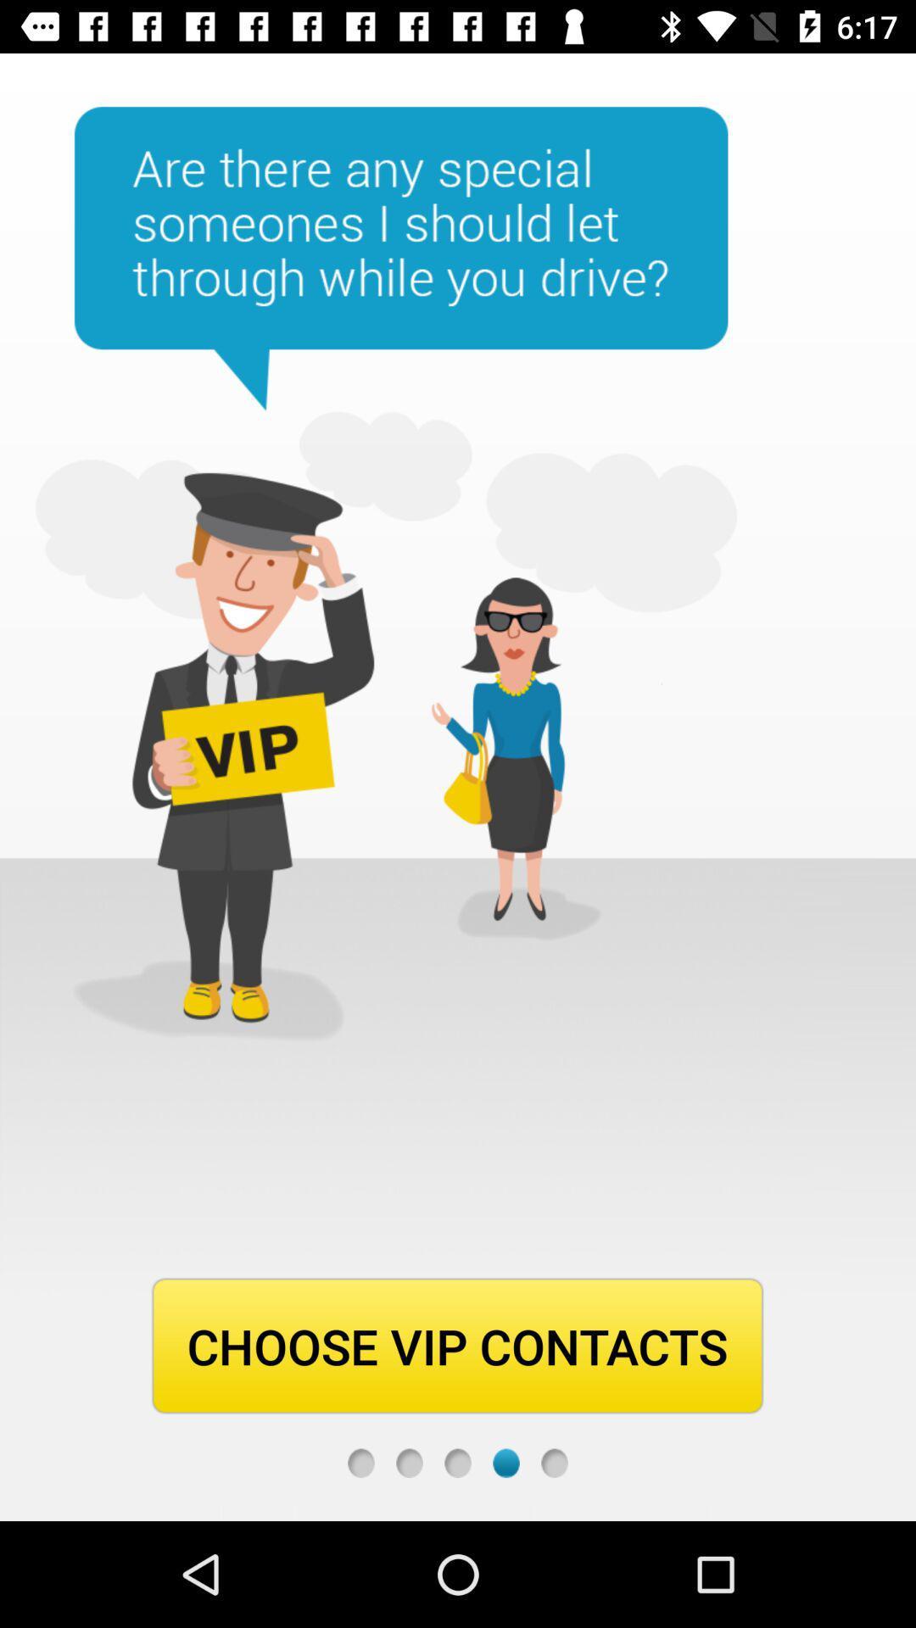  Describe the element at coordinates (409, 1462) in the screenshot. I see `pictures` at that location.